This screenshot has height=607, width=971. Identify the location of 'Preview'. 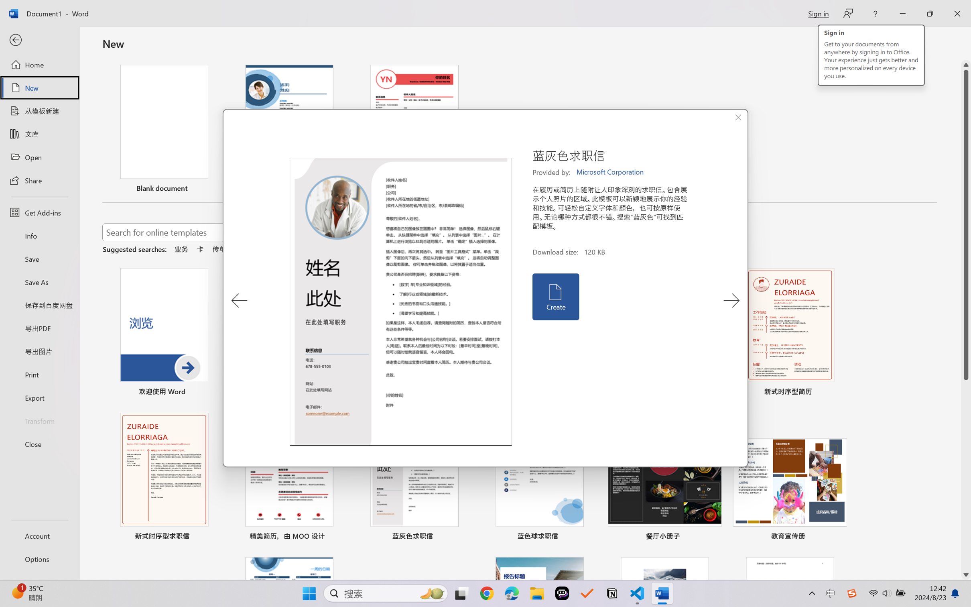
(400, 302).